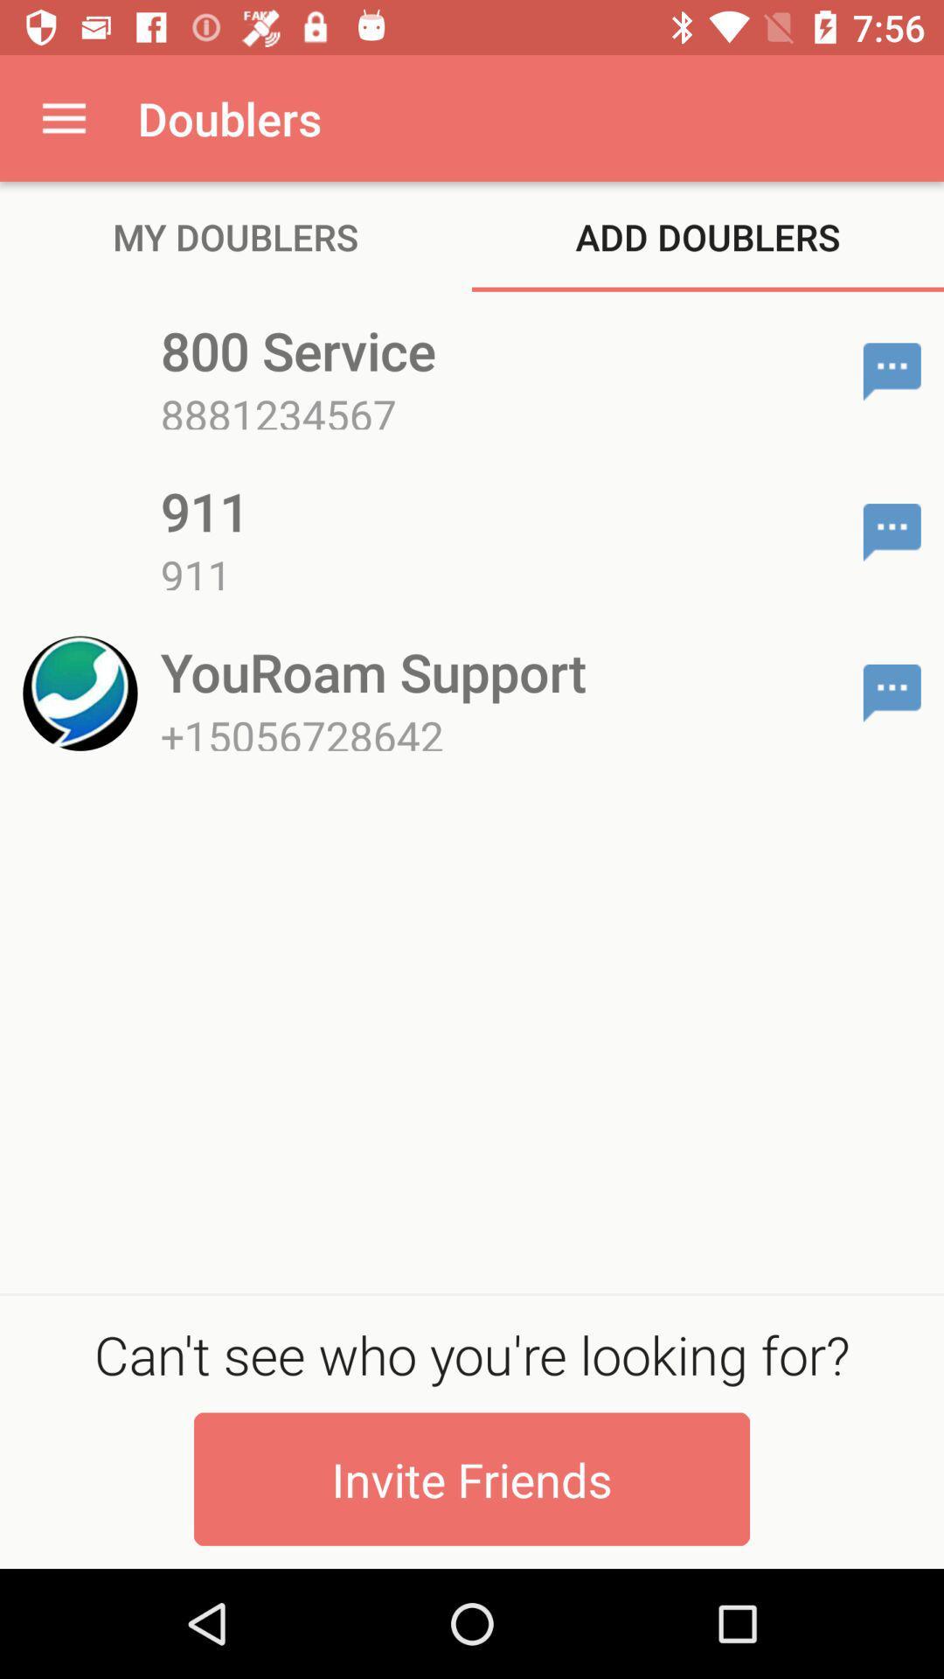 The width and height of the screenshot is (944, 1679). Describe the element at coordinates (892, 692) in the screenshot. I see `chat with number` at that location.